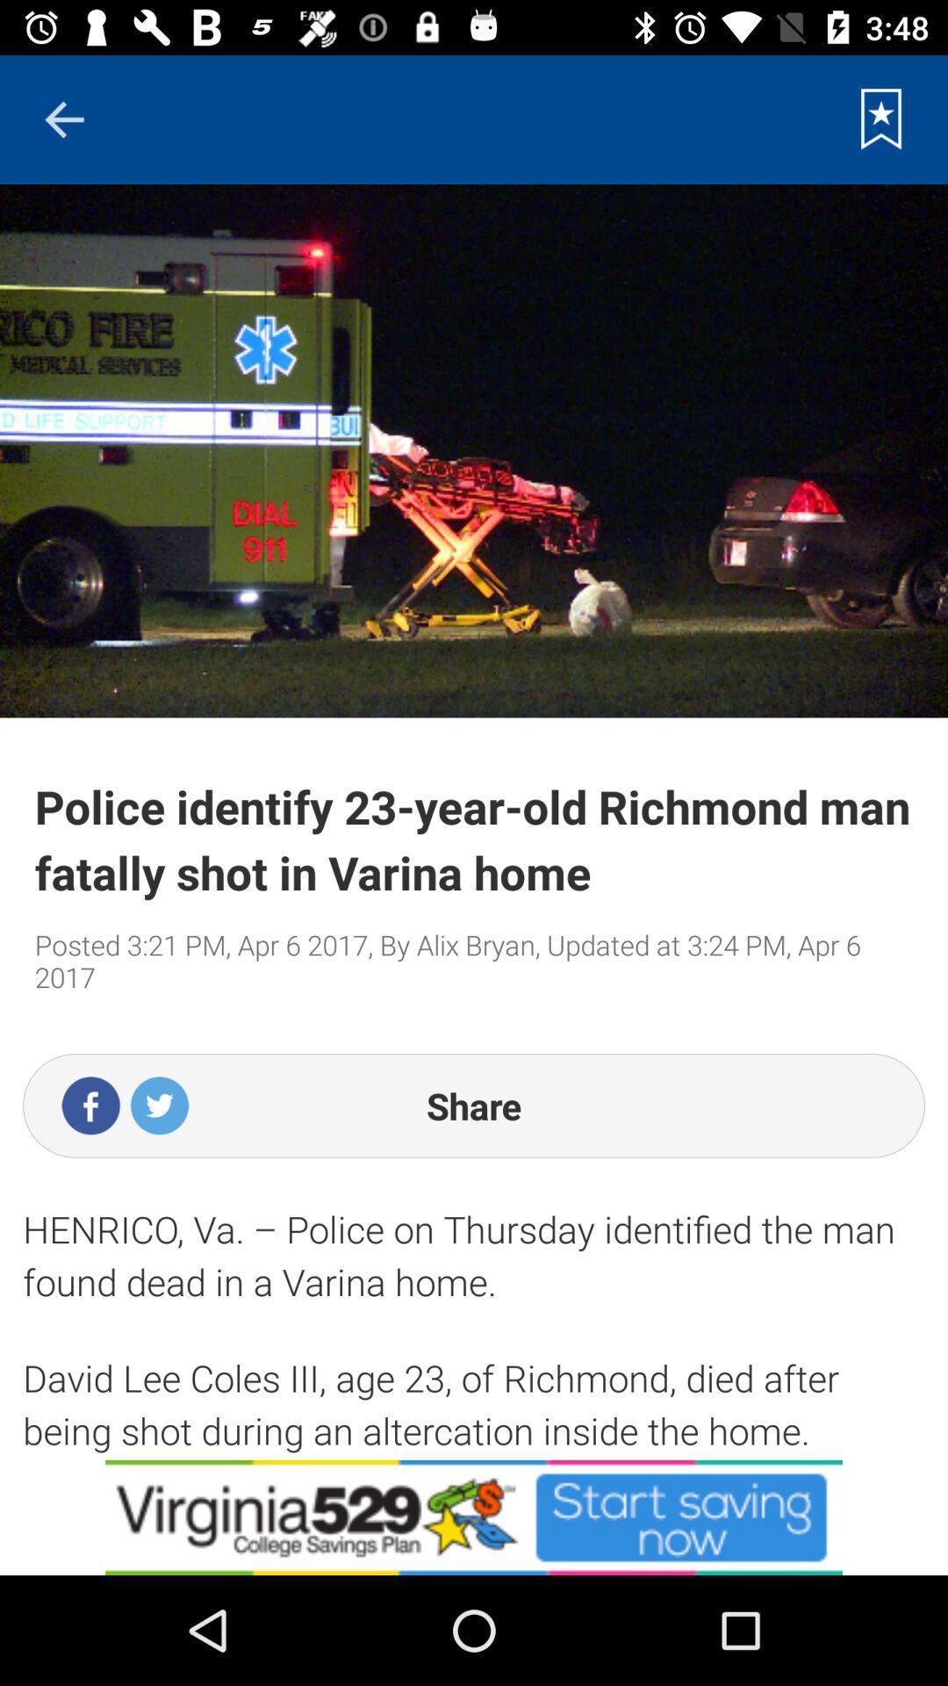  Describe the element at coordinates (63, 119) in the screenshot. I see `previous button` at that location.